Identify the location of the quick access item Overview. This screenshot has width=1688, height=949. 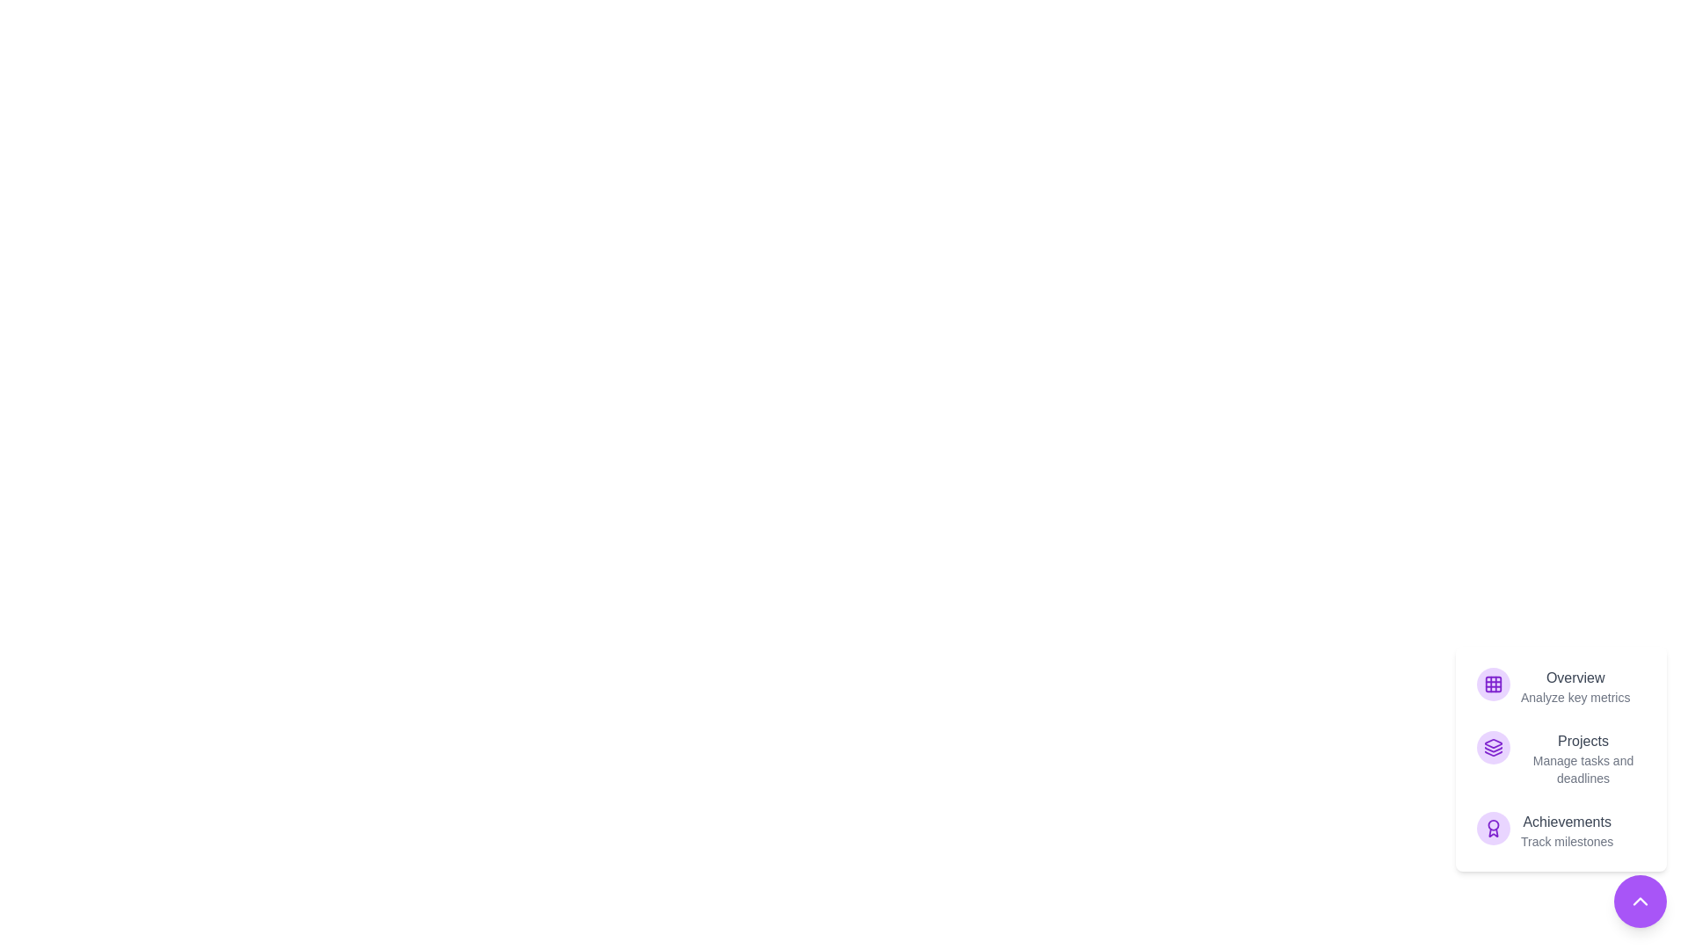
(1561, 686).